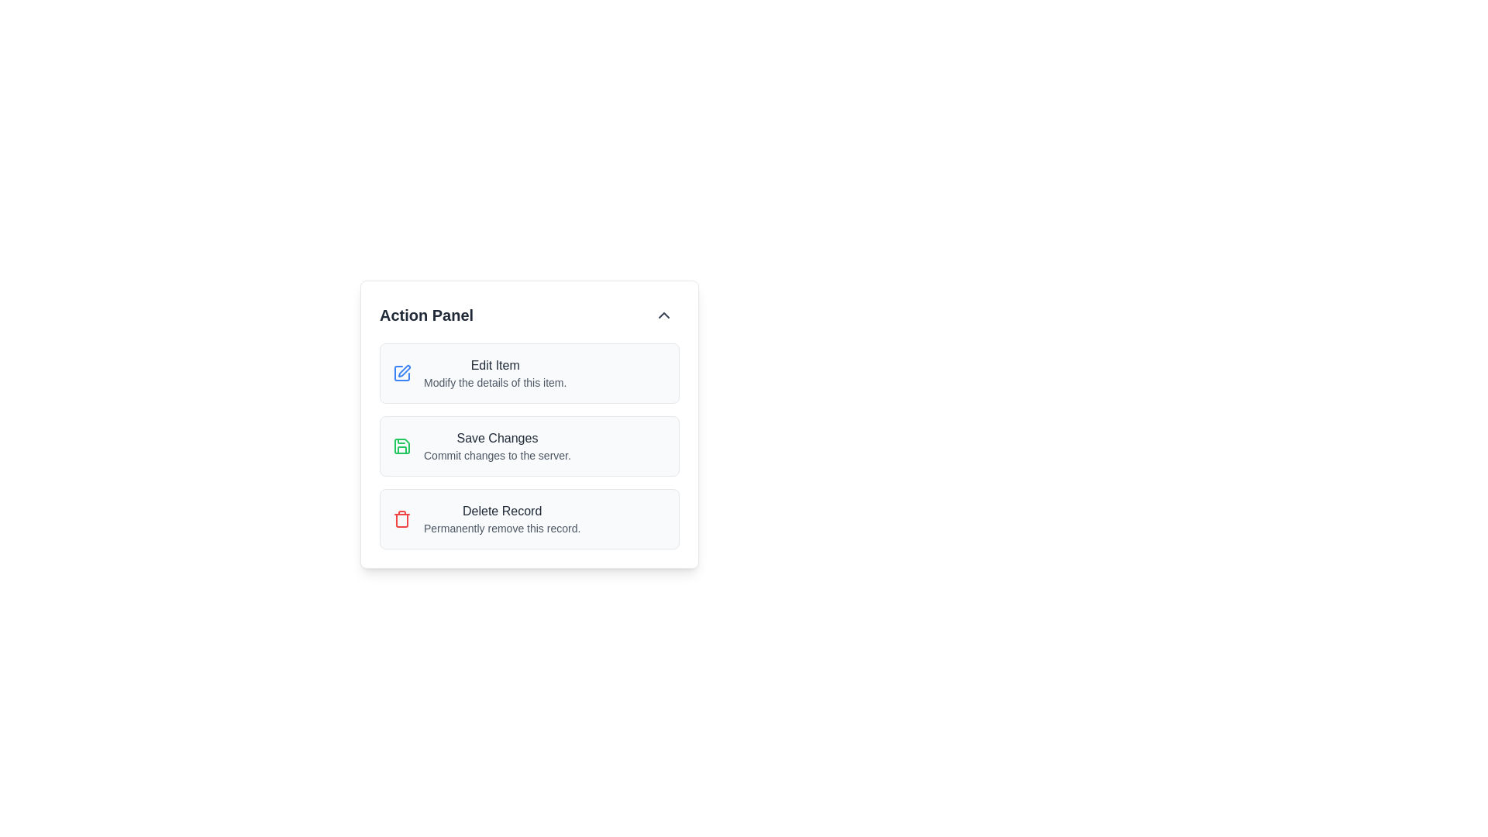 The image size is (1488, 837). Describe the element at coordinates (401, 374) in the screenshot. I see `the rectangular diagram with rounded corners, styled in blue, located to the left of the 'Edit Item' label in the second row of the 'Action Panel' card` at that location.